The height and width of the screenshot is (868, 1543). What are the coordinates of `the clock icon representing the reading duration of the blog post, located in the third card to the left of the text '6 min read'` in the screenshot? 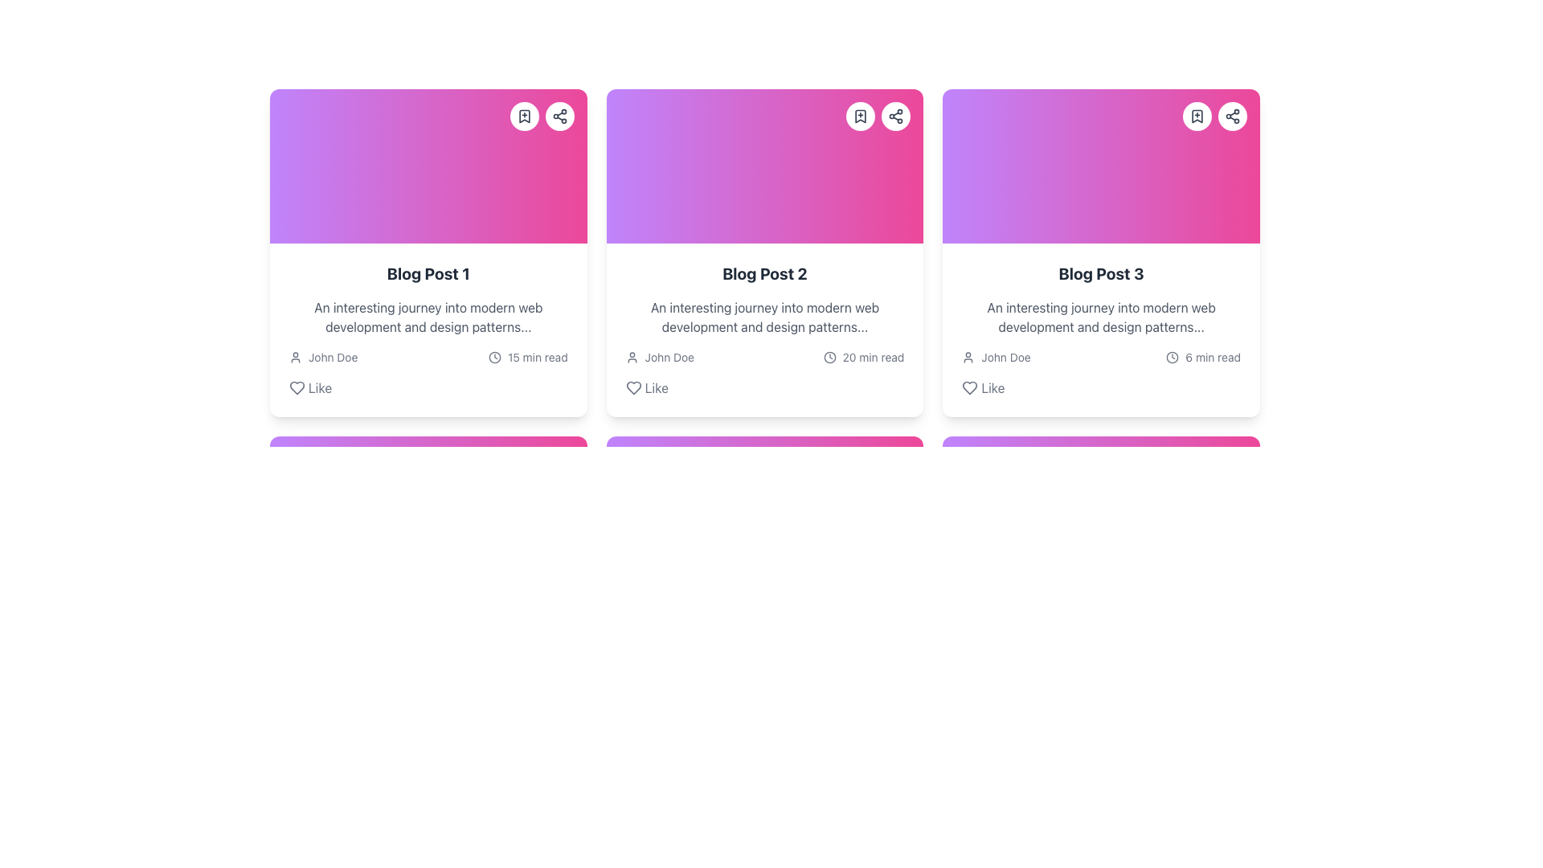 It's located at (1173, 356).